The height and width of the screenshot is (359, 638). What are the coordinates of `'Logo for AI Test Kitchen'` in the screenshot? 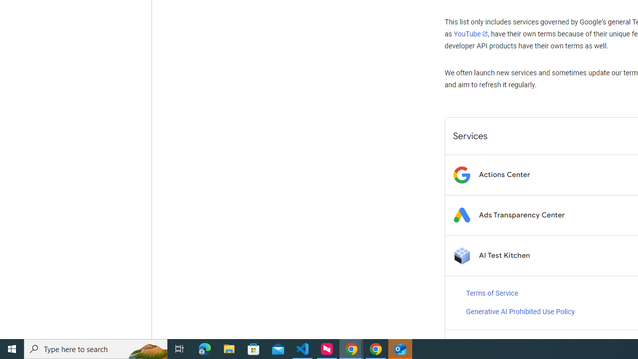 It's located at (461, 255).